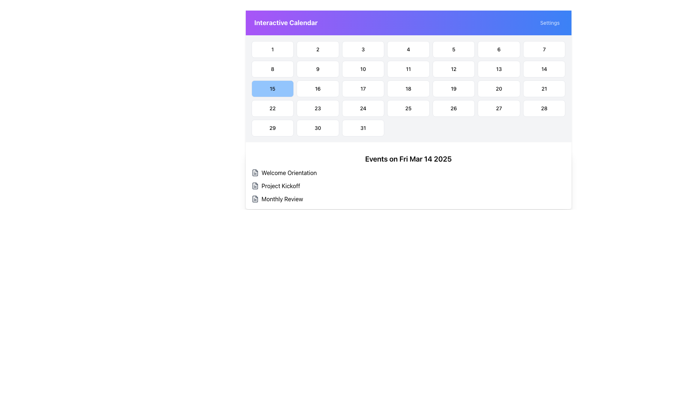 This screenshot has height=393, width=698. What do you see at coordinates (408, 88) in the screenshot?
I see `the Grid Calendar element` at bounding box center [408, 88].